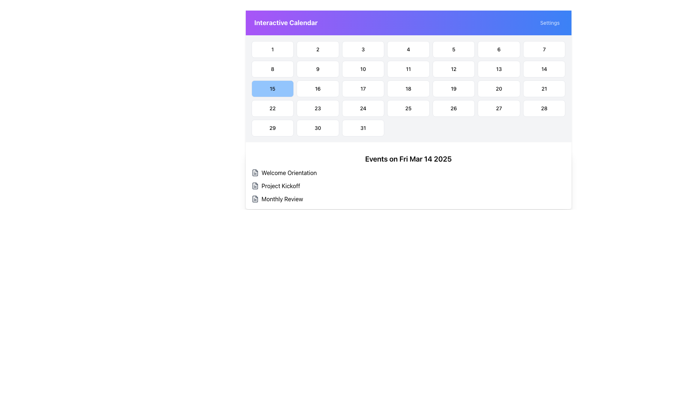 This screenshot has height=393, width=698. What do you see at coordinates (408, 88) in the screenshot?
I see `the Grid Calendar element` at bounding box center [408, 88].